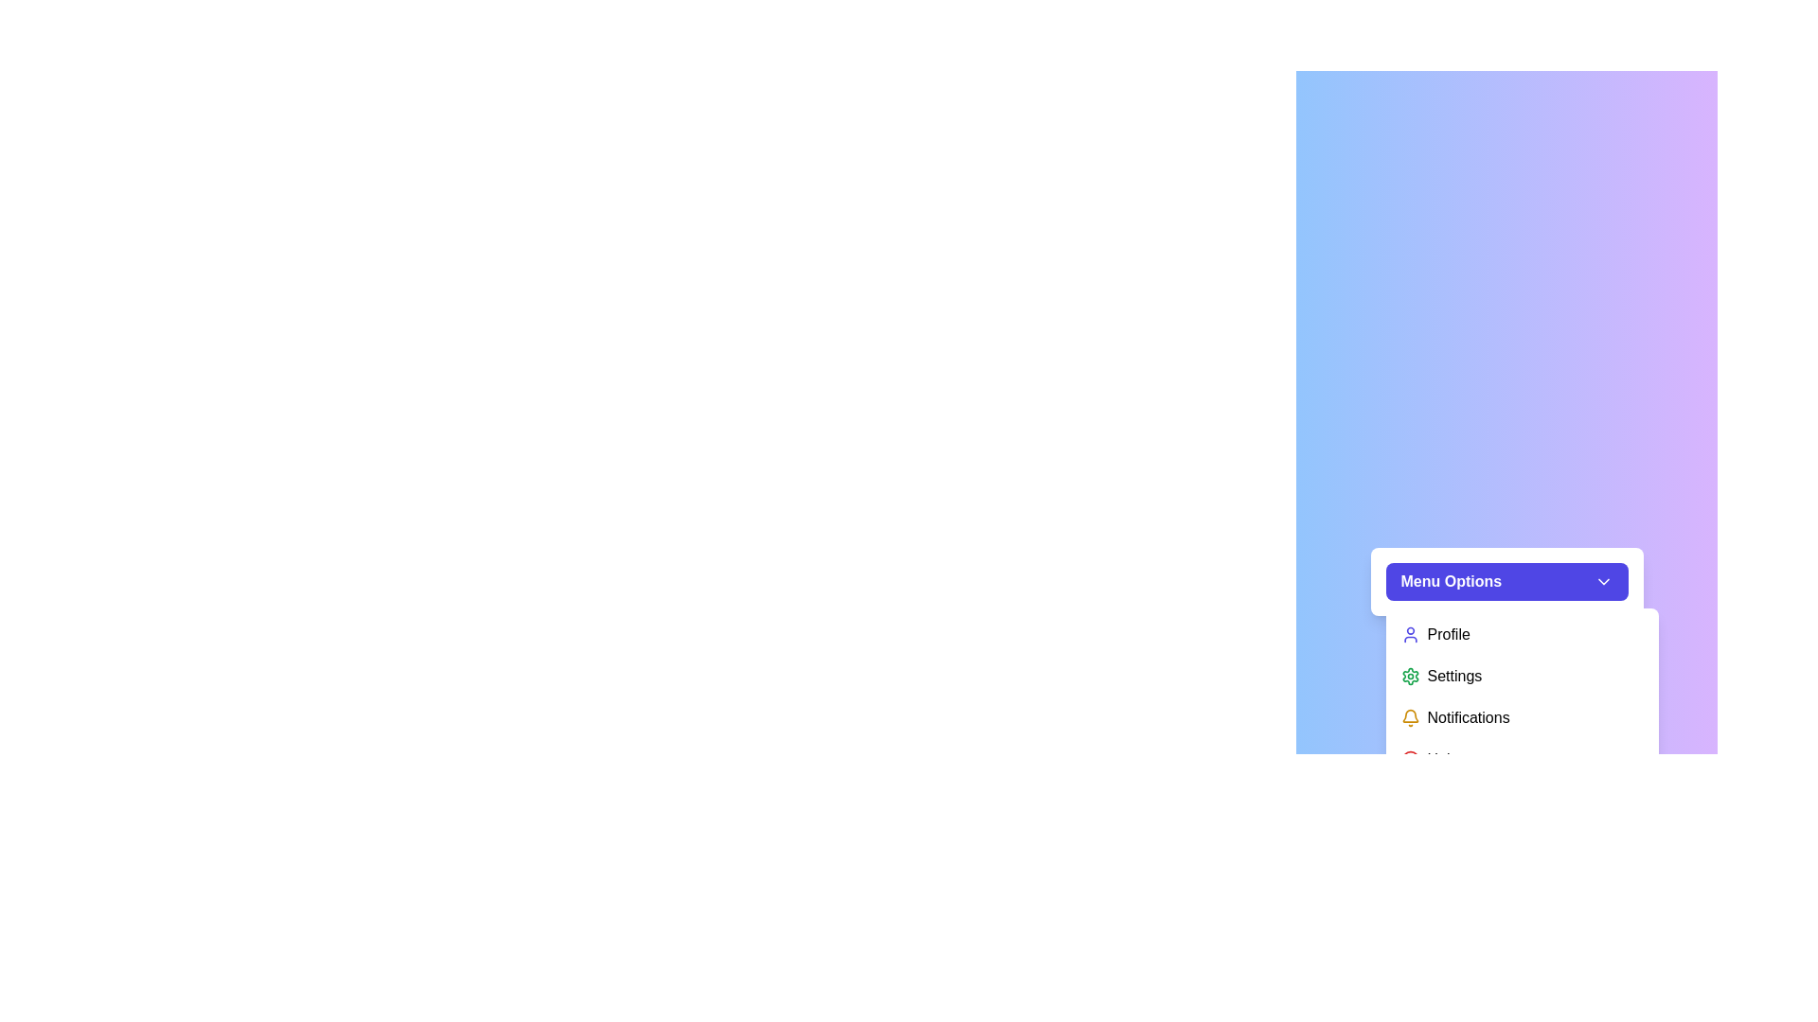 This screenshot has width=1818, height=1022. Describe the element at coordinates (1410, 675) in the screenshot. I see `the settings icon located in the menu dropdown to the left of the 'Settings' text label` at that location.